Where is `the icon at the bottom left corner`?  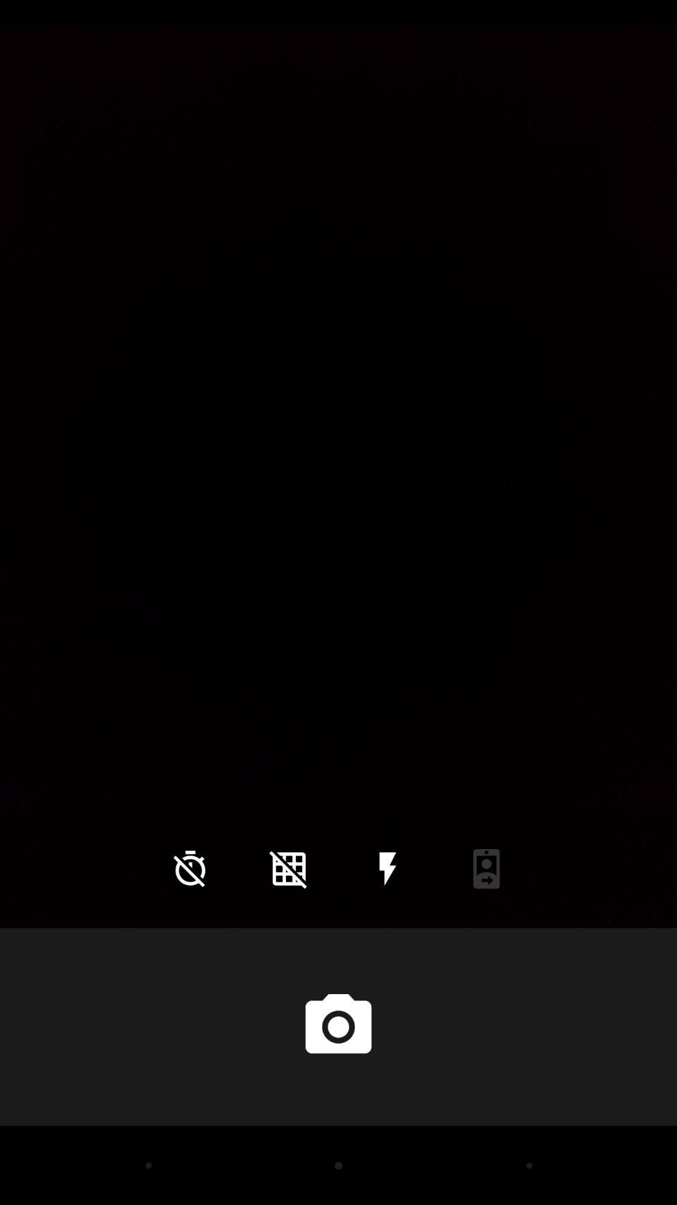
the icon at the bottom left corner is located at coordinates (190, 868).